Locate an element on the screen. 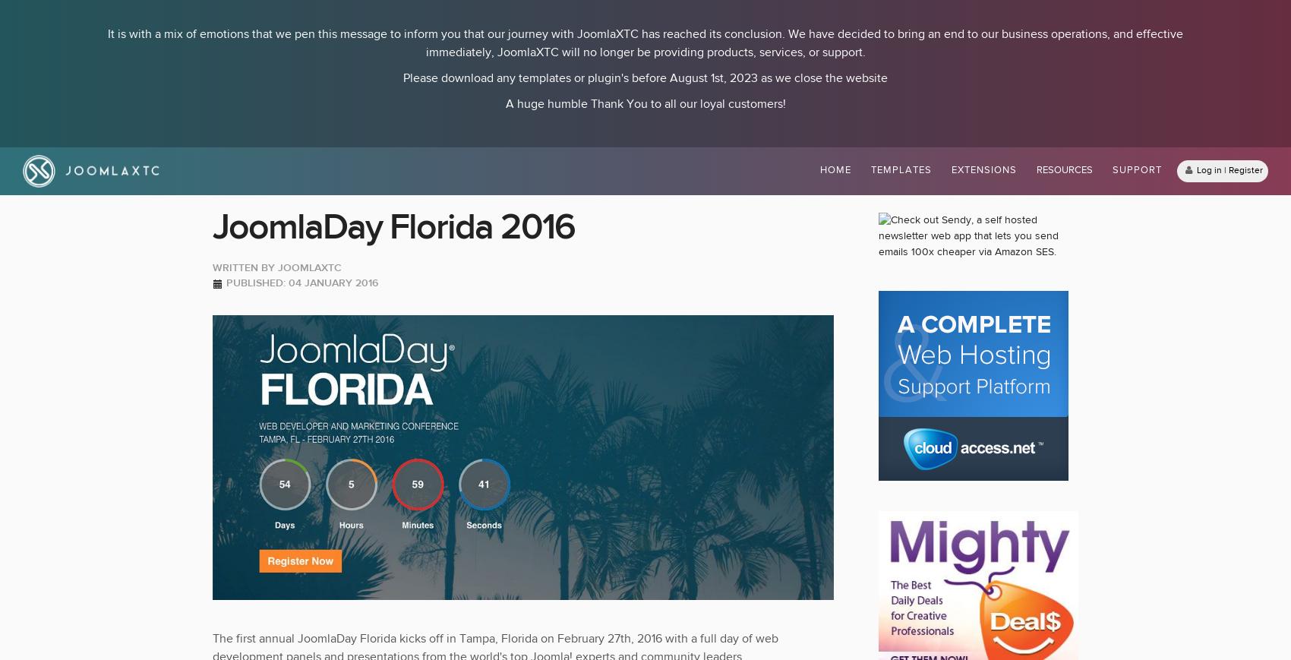  'A huge humble Thank You to all our loyal customers!' is located at coordinates (644, 103).